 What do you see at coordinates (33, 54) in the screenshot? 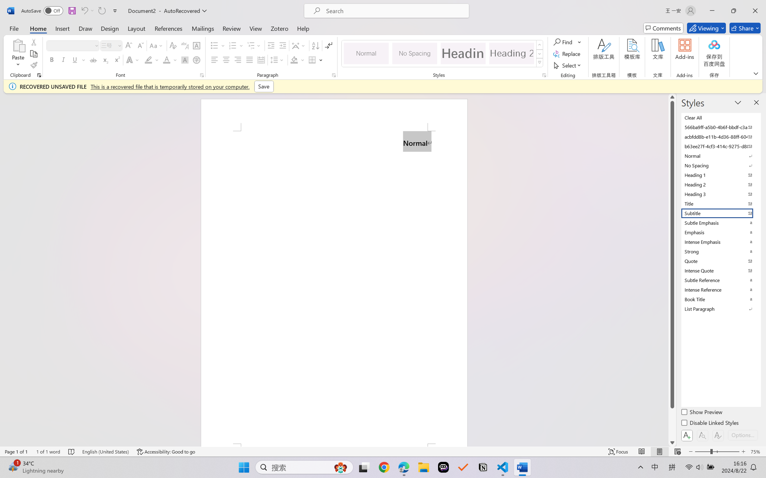
I see `'Copy'` at bounding box center [33, 54].